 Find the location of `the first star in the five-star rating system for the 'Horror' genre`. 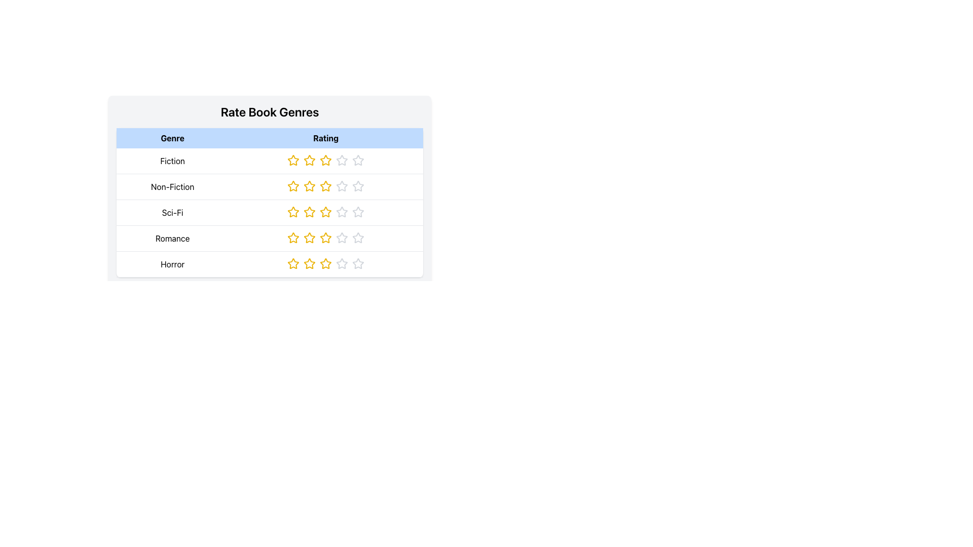

the first star in the five-star rating system for the 'Horror' genre is located at coordinates (293, 263).